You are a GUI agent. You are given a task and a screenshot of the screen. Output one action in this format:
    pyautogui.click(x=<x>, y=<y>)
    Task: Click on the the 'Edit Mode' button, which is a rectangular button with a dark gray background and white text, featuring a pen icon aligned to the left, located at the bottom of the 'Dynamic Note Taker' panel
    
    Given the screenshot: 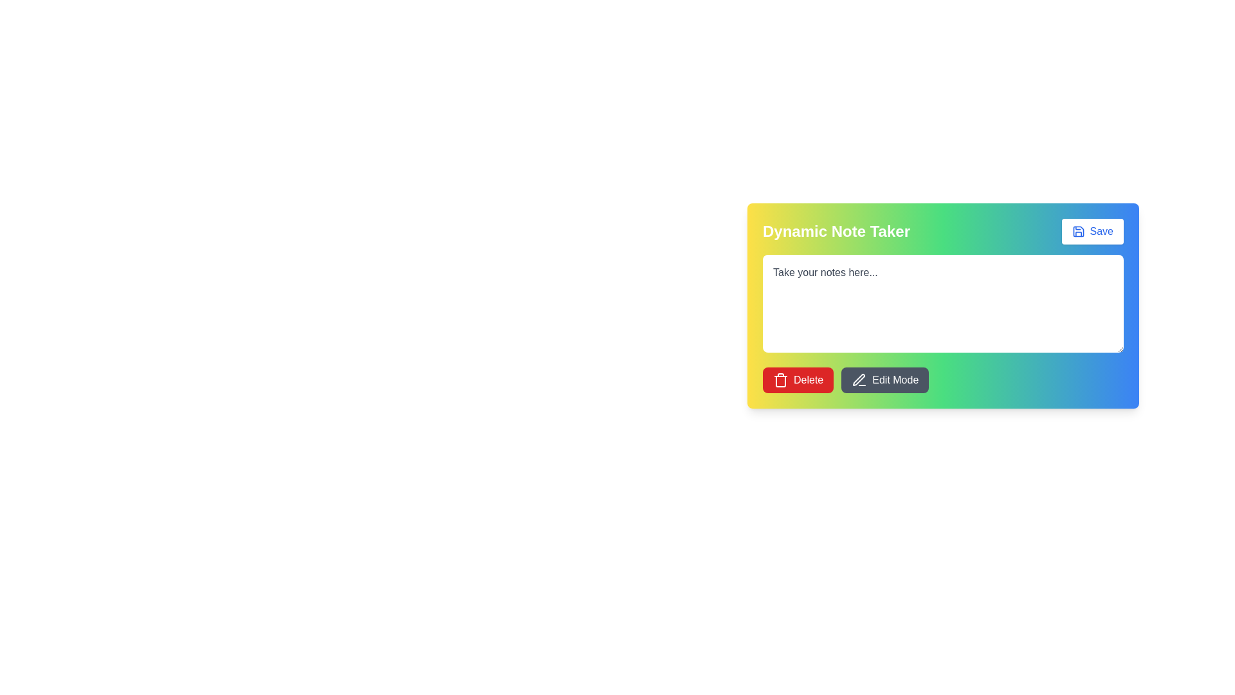 What is the action you would take?
    pyautogui.click(x=884, y=379)
    